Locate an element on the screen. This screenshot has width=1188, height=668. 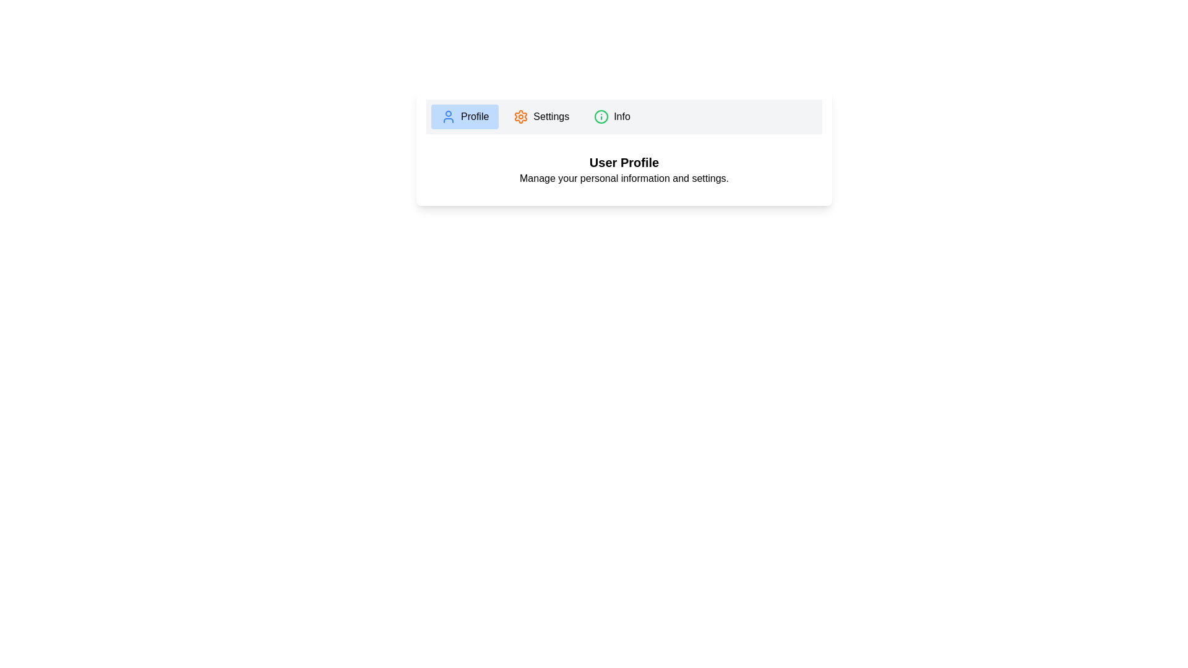
the tab labeled Profile to view its content is located at coordinates (464, 117).